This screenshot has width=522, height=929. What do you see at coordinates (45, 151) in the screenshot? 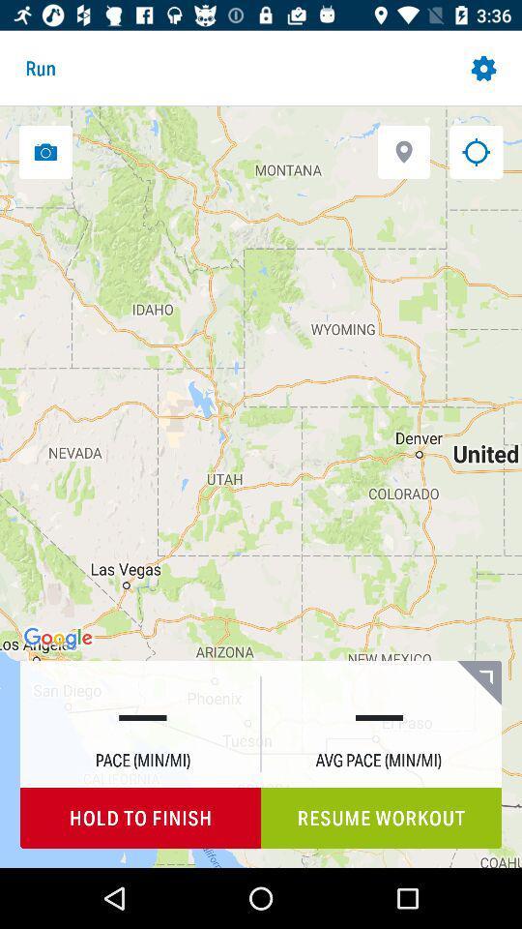
I see `take photo of map` at bounding box center [45, 151].